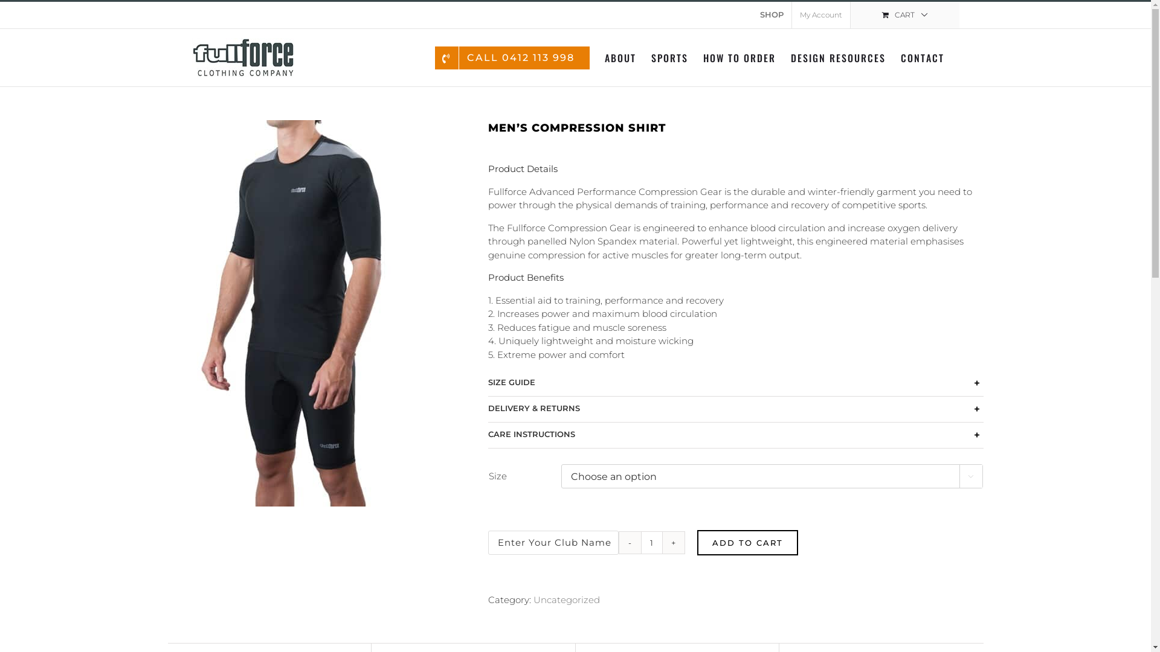 Image resolution: width=1160 pixels, height=652 pixels. What do you see at coordinates (837, 57) in the screenshot?
I see `'DESIGN RESOURCES'` at bounding box center [837, 57].